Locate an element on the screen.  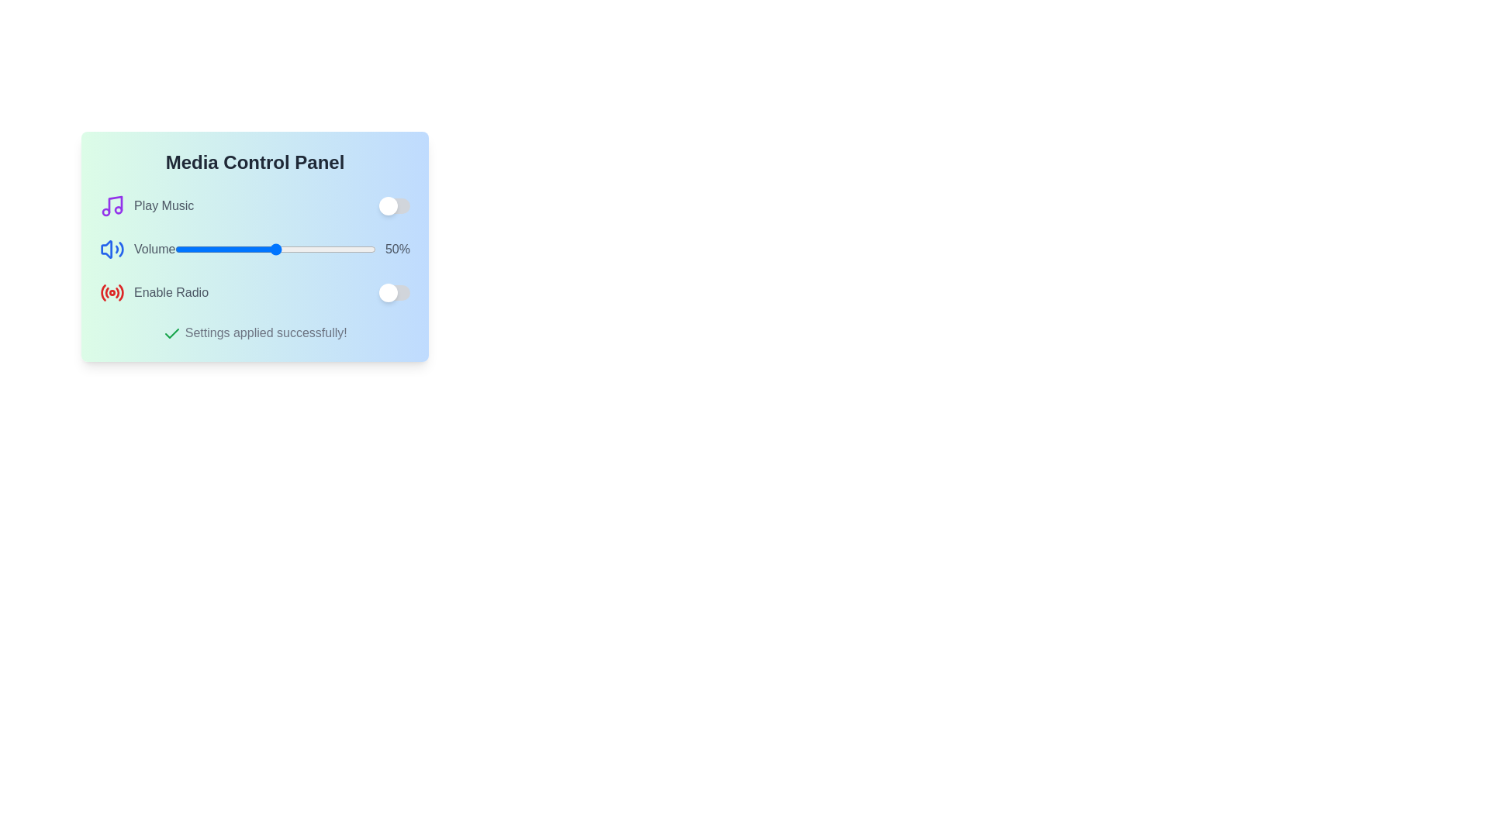
the Text Label with Icon that enables or disables a radio-related feature in the Media Control Panel, located in the middle-left section as the third option in a vertical list of toggleable settings is located at coordinates (154, 293).